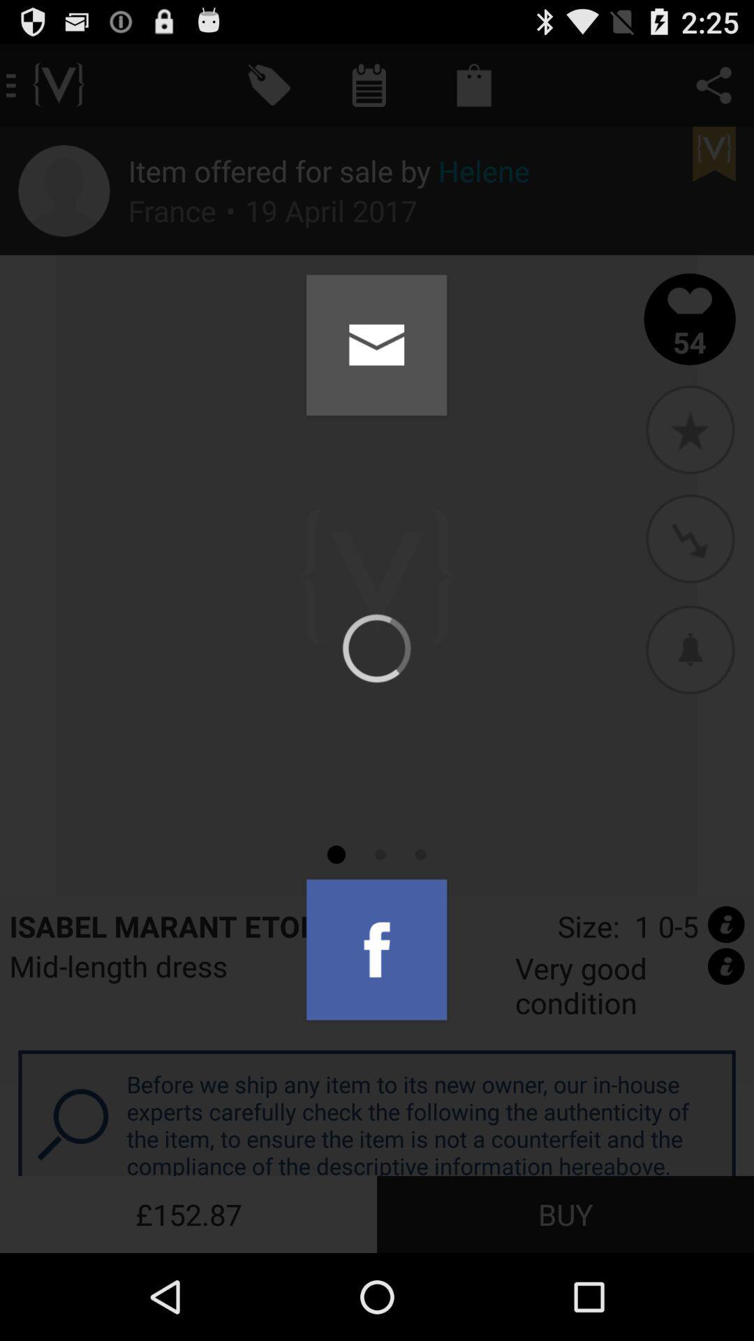 Image resolution: width=754 pixels, height=1341 pixels. Describe the element at coordinates (64, 190) in the screenshot. I see `icon next to the item offered for icon` at that location.